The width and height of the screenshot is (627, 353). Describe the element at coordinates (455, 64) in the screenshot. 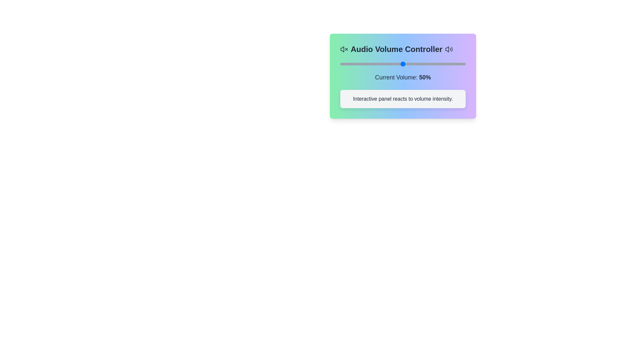

I see `the volume slider to 92%` at that location.